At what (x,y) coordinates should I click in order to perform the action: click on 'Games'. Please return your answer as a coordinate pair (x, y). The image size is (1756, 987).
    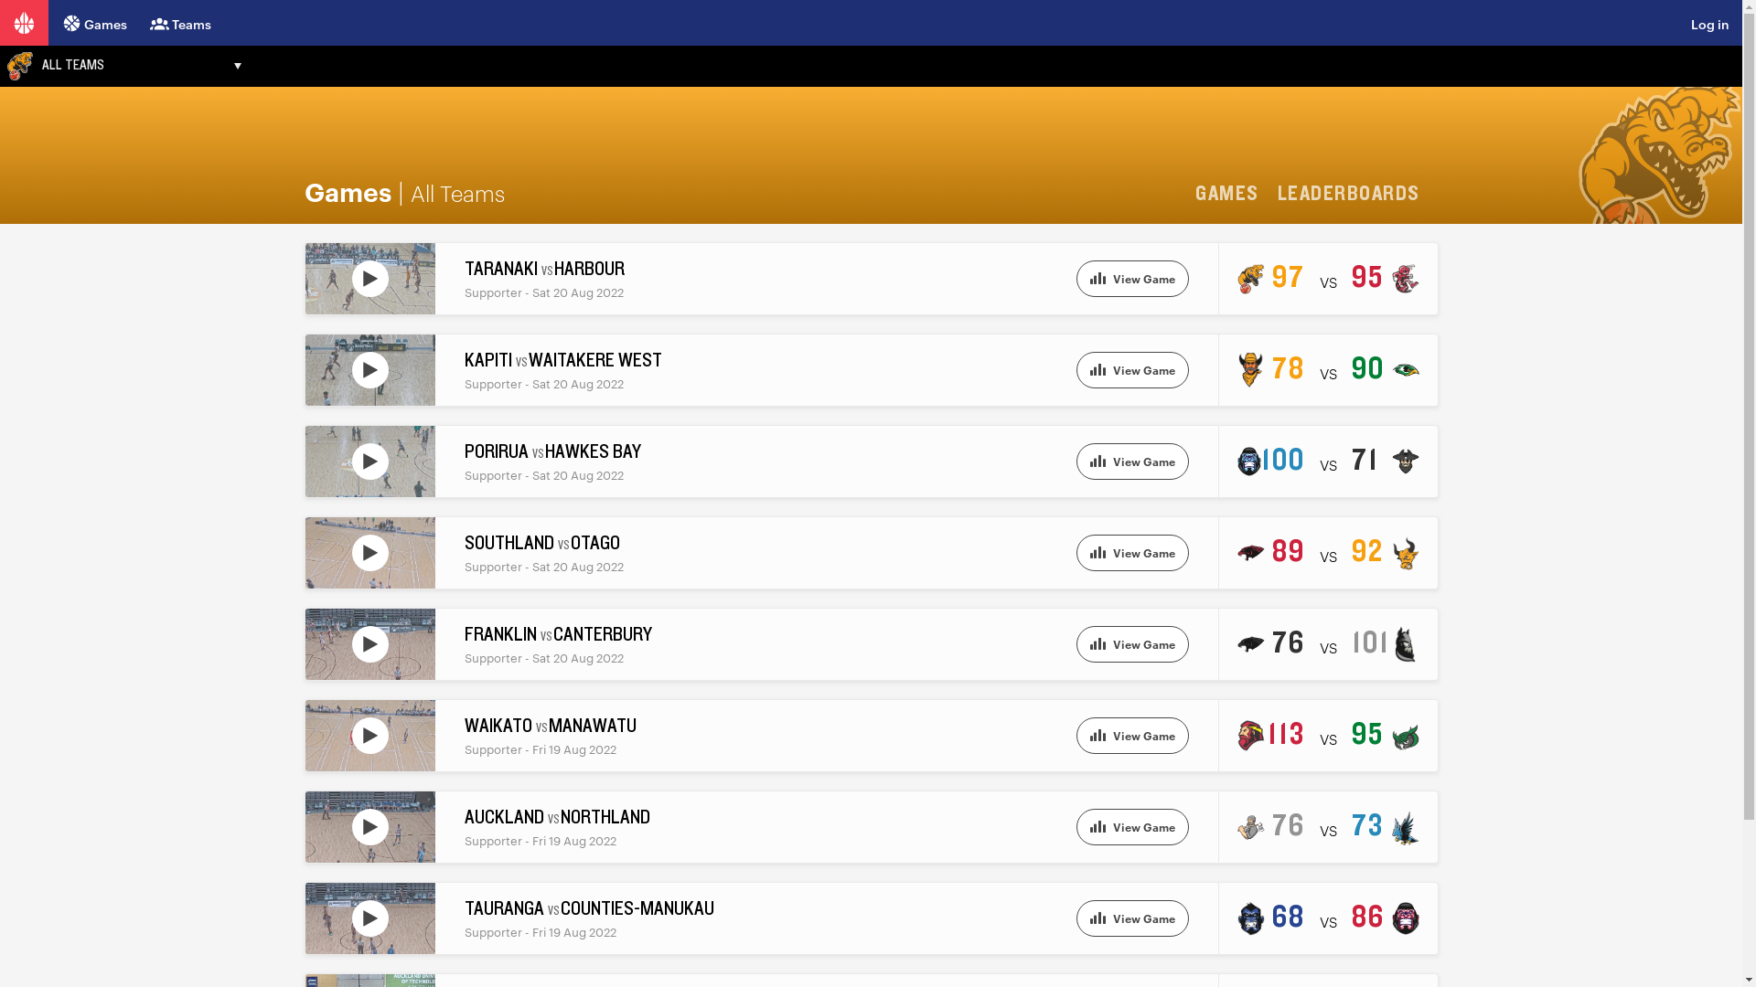
    Looking at the image, I should click on (93, 22).